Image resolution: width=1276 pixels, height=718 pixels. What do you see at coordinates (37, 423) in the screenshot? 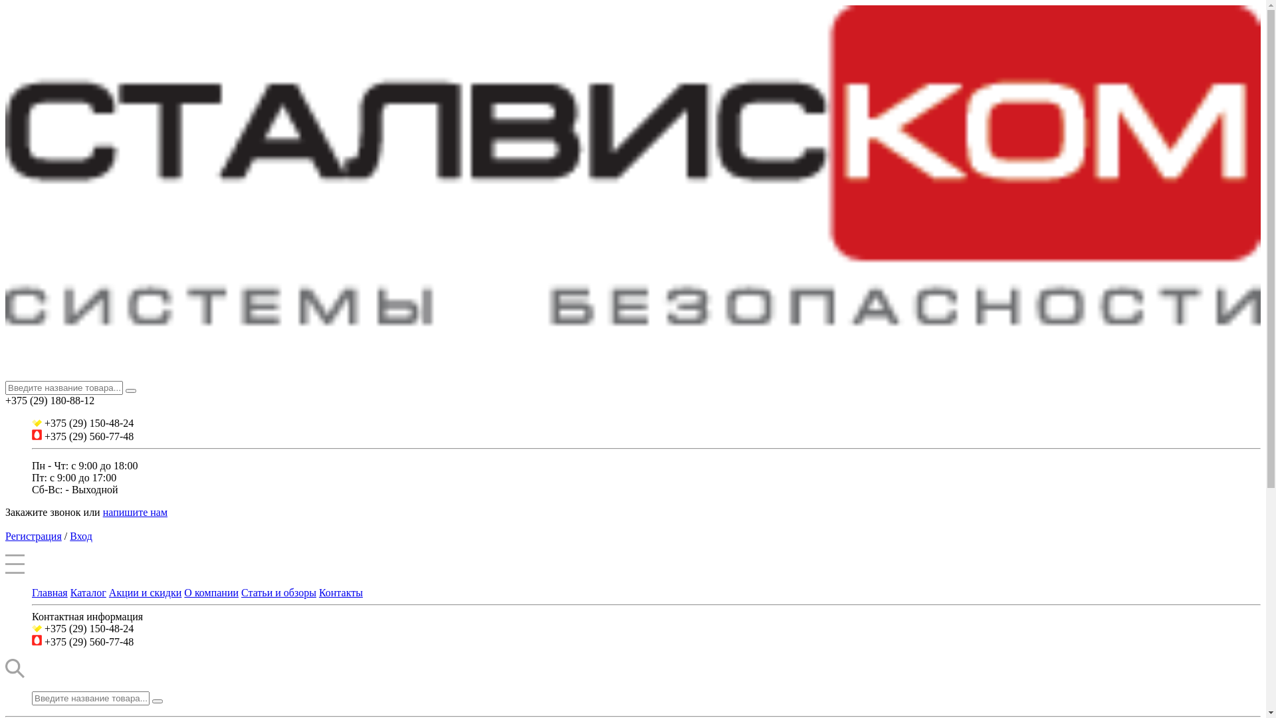
I see `'velcom'` at bounding box center [37, 423].